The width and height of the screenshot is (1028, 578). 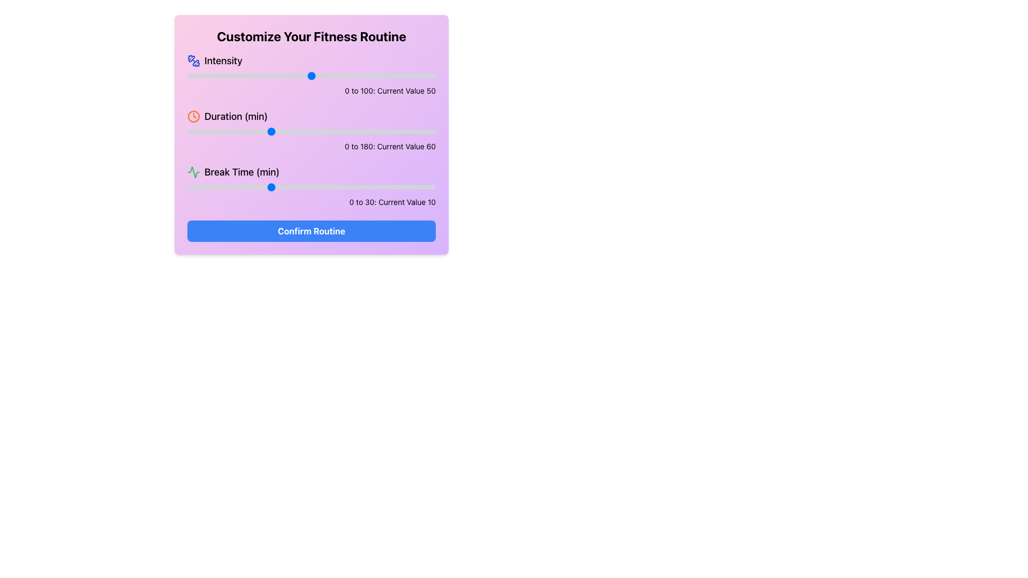 I want to click on the circular icon with an orange outline and white interior, which is the inner face of the clock icon located on the left side of the 'Duration (min)' row, so click(x=193, y=117).